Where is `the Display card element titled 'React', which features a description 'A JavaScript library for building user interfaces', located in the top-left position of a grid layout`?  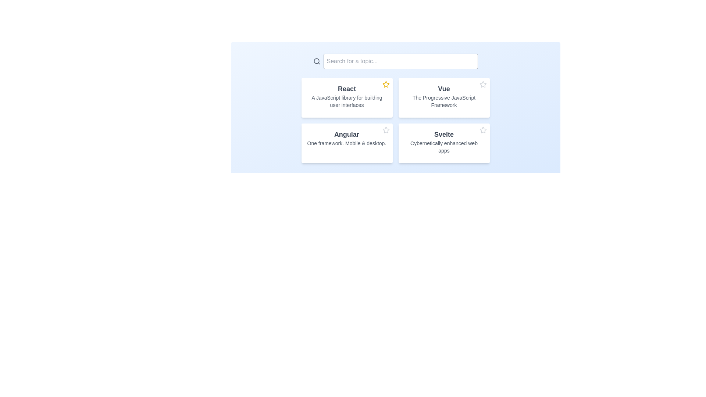 the Display card element titled 'React', which features a description 'A JavaScript library for building user interfaces', located in the top-left position of a grid layout is located at coordinates (346, 96).